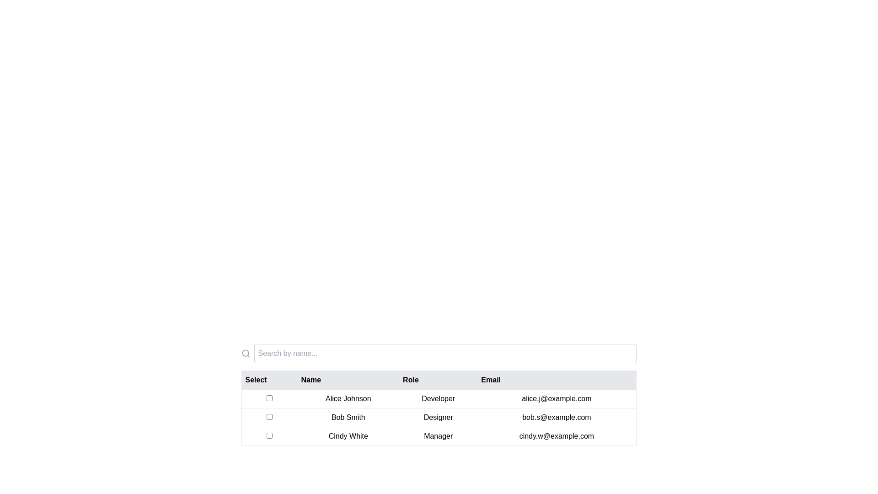 The height and width of the screenshot is (494, 878). What do you see at coordinates (269, 418) in the screenshot?
I see `the checkbox in the second row of the table corresponding to the entry for 'Bob Smith'` at bounding box center [269, 418].